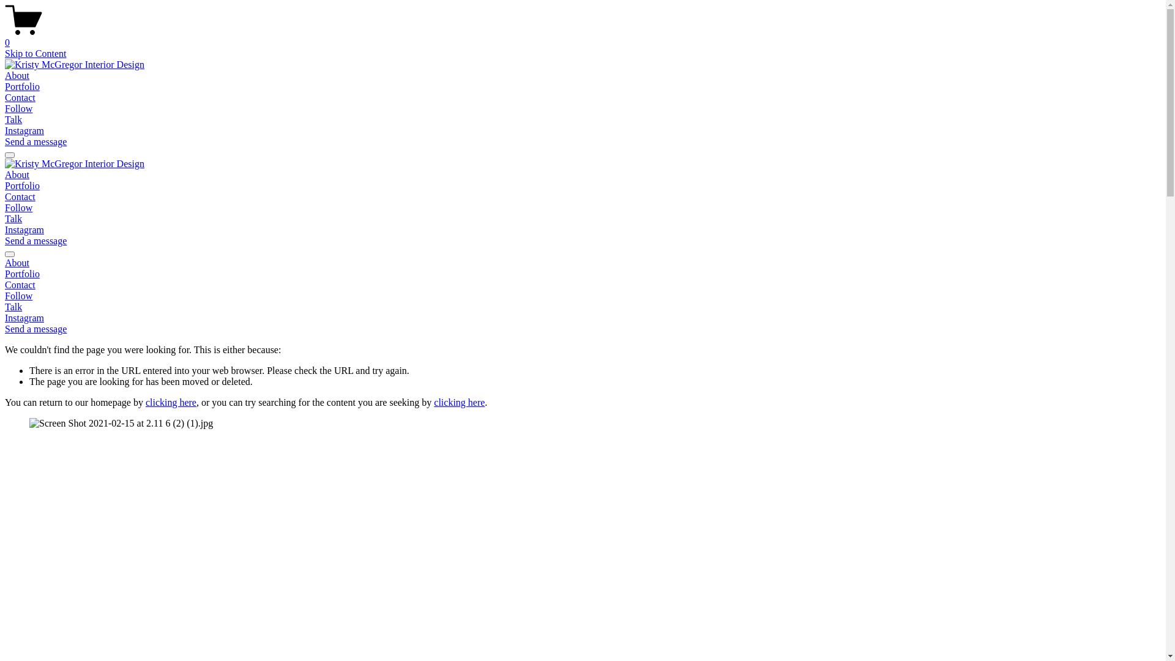 The image size is (1175, 661). I want to click on 'Talk', so click(13, 119).